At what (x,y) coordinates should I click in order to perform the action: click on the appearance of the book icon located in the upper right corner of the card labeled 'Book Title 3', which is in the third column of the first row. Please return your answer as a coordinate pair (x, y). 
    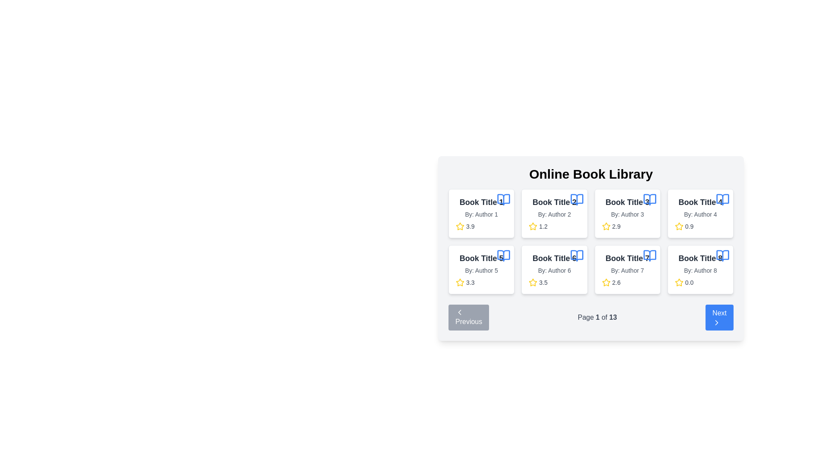
    Looking at the image, I should click on (649, 199).